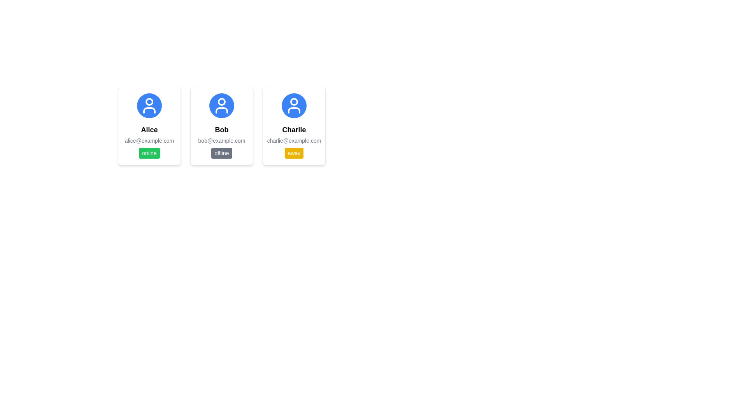 This screenshot has height=420, width=747. Describe the element at coordinates (221, 153) in the screenshot. I see `the Status label or badge indicating the user is currently 'offline', located within the middle user profile card, below the email address 'bob@example.com'` at that location.